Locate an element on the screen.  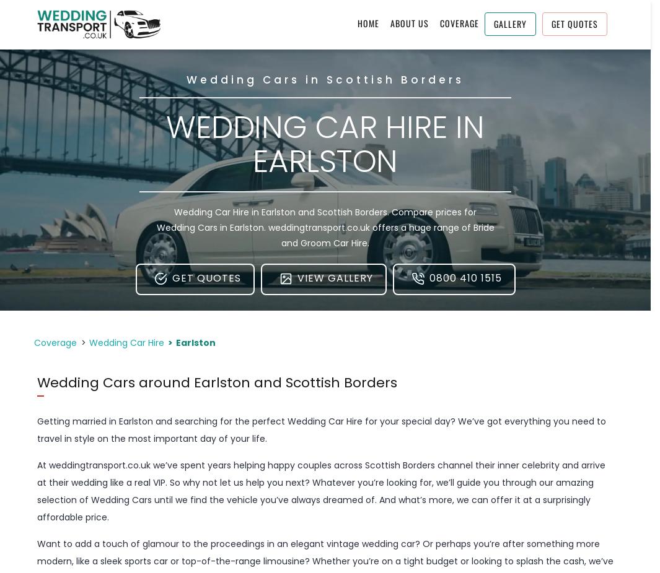
'0800 410 1515' is located at coordinates (465, 278).